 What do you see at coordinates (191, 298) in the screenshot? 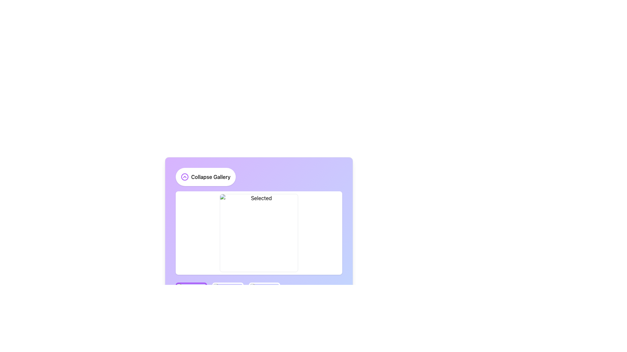
I see `the first selectable thumbnail in the horizontal gallery, which is a square-shaped image with a purple border and rounded corners` at bounding box center [191, 298].